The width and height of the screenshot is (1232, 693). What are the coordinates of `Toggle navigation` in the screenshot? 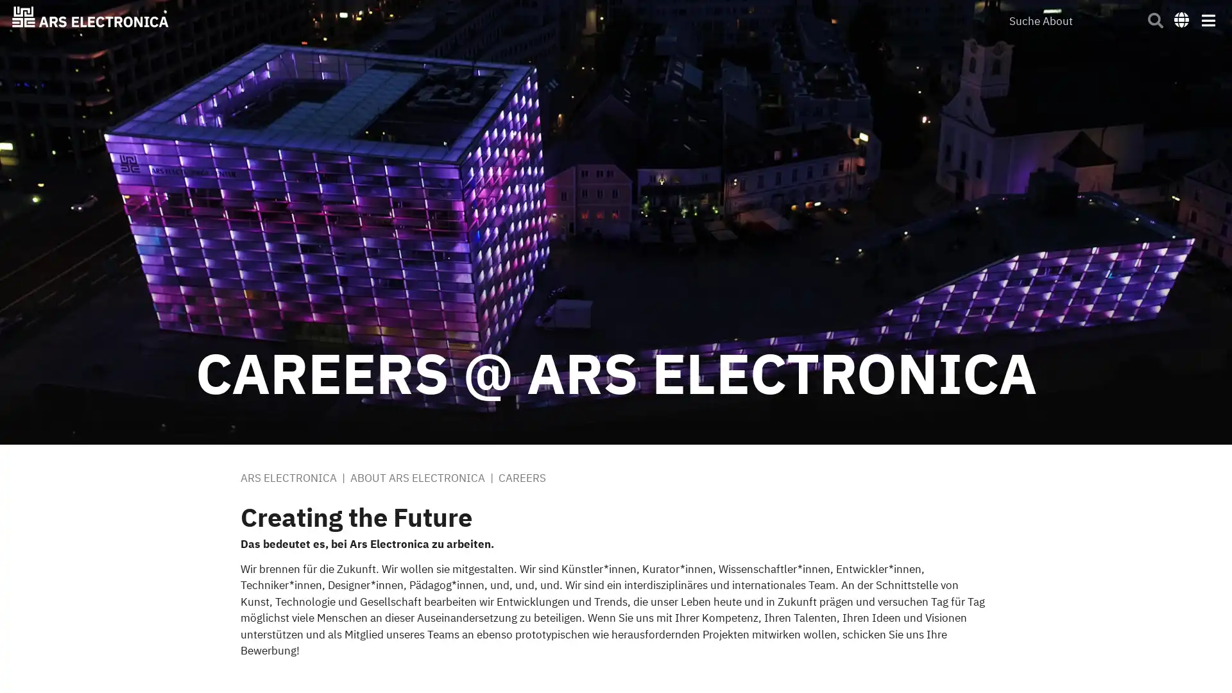 It's located at (1207, 19).